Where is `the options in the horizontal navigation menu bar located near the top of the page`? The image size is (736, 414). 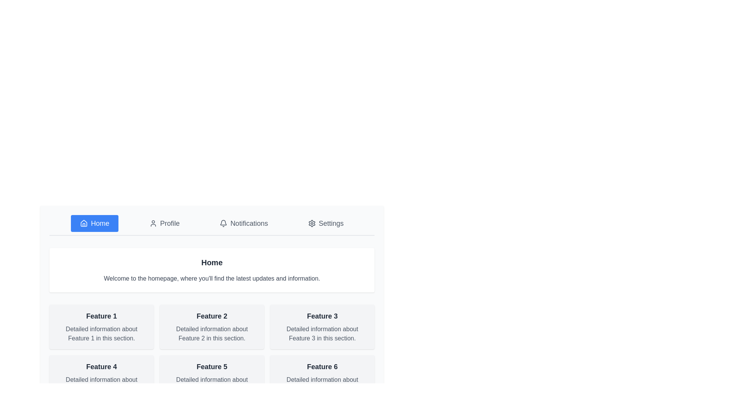
the options in the horizontal navigation menu bar located near the top of the page is located at coordinates (212, 225).